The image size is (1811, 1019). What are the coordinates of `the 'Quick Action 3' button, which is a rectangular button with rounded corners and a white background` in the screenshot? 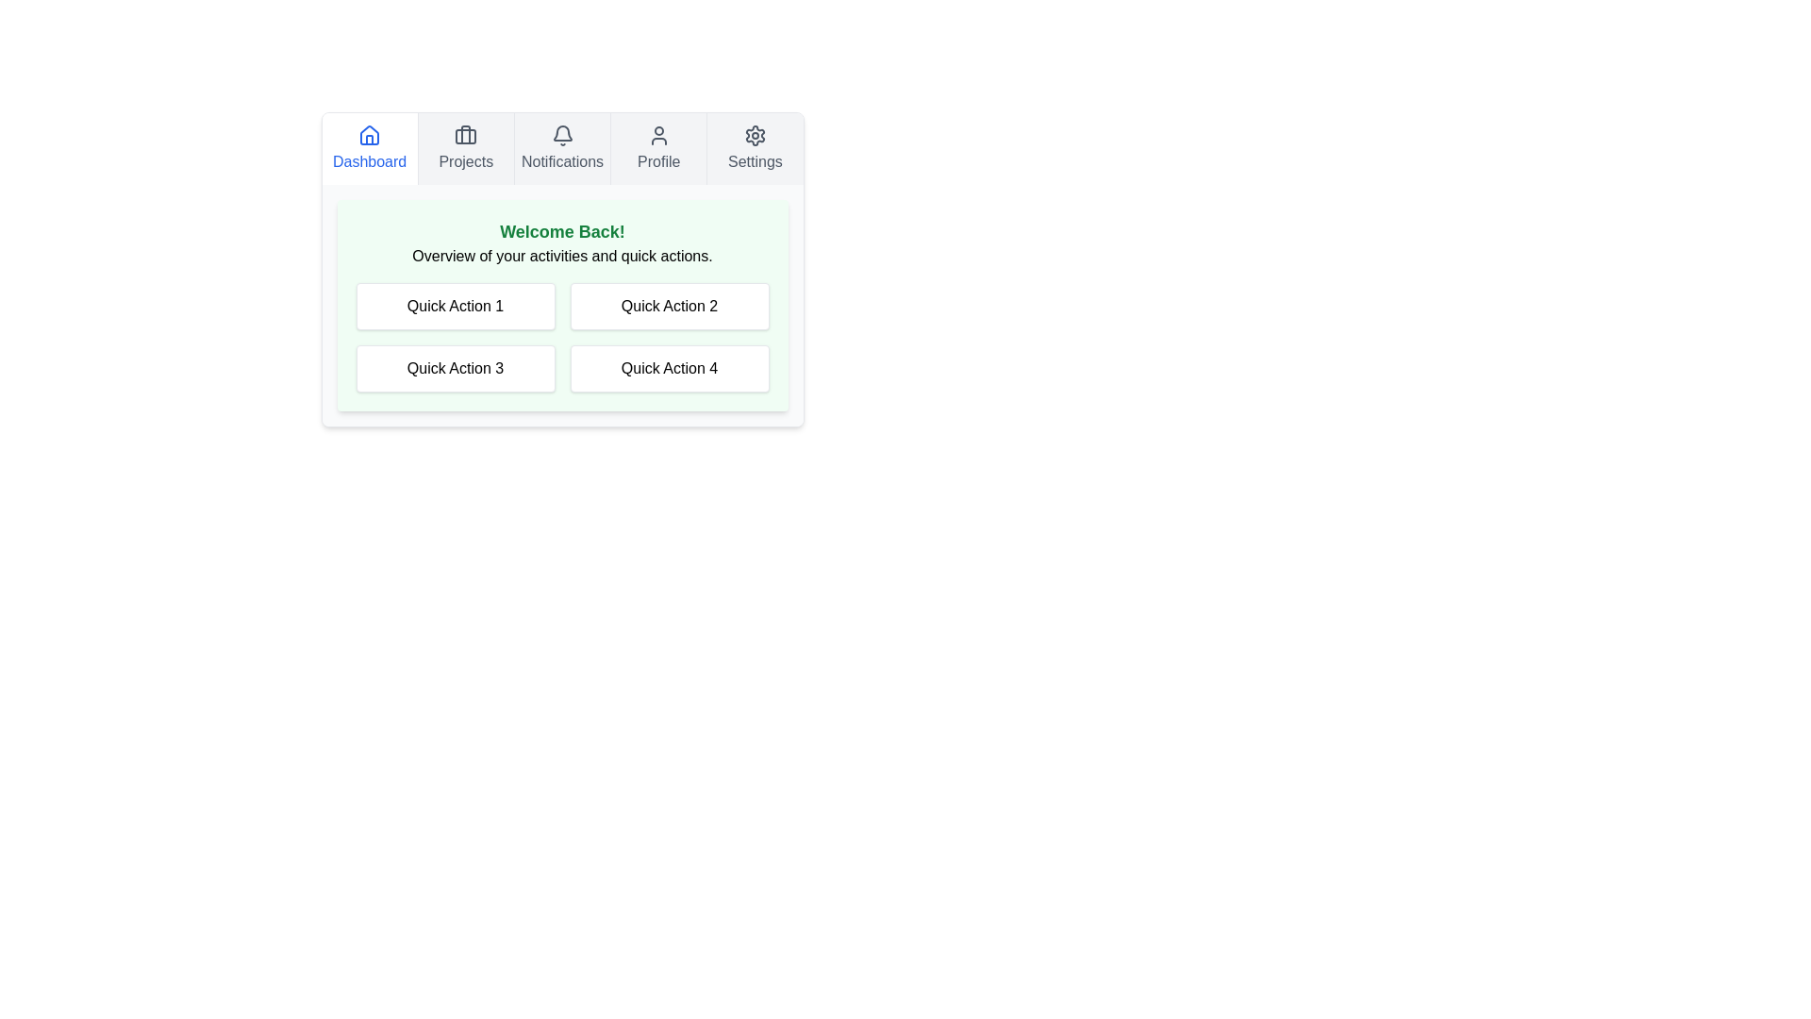 It's located at (456, 368).